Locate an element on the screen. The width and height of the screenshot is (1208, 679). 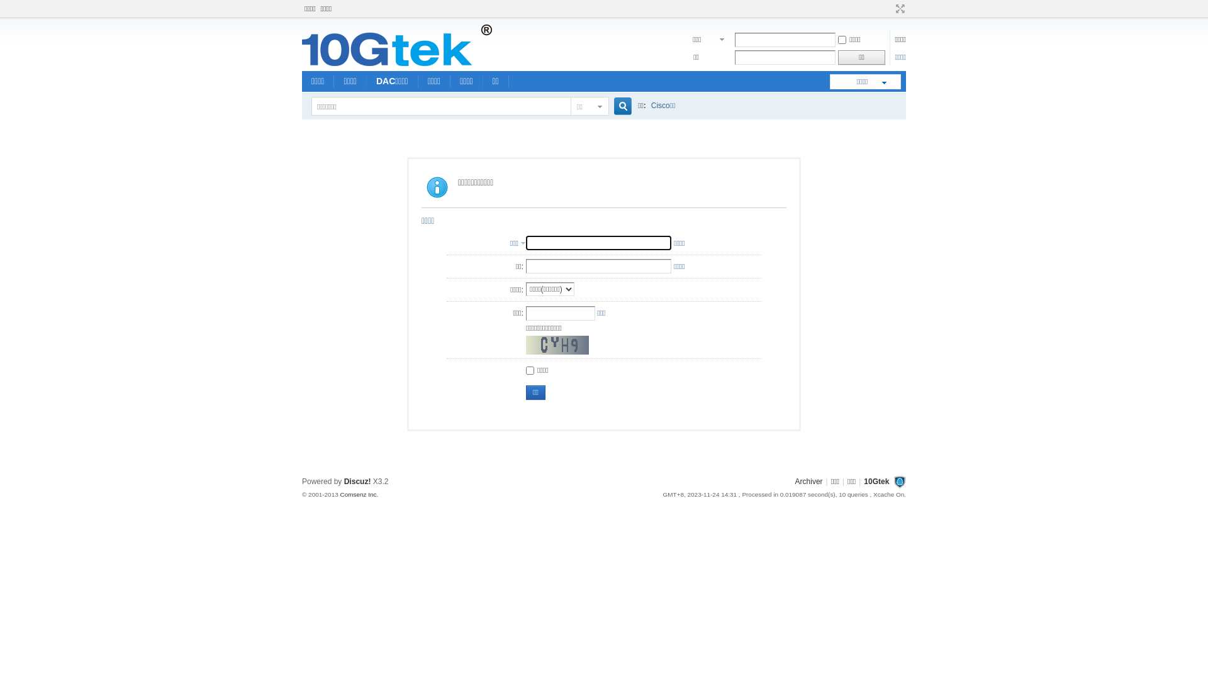
'Comsenz Inc.' is located at coordinates (358, 494).